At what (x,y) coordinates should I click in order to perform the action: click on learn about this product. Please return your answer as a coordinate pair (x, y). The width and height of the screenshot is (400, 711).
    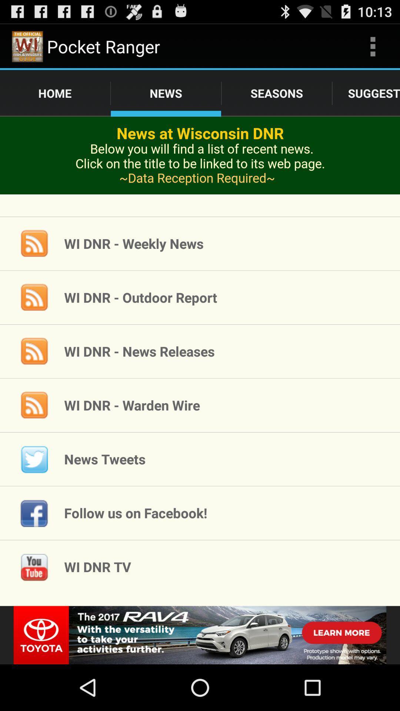
    Looking at the image, I should click on (200, 166).